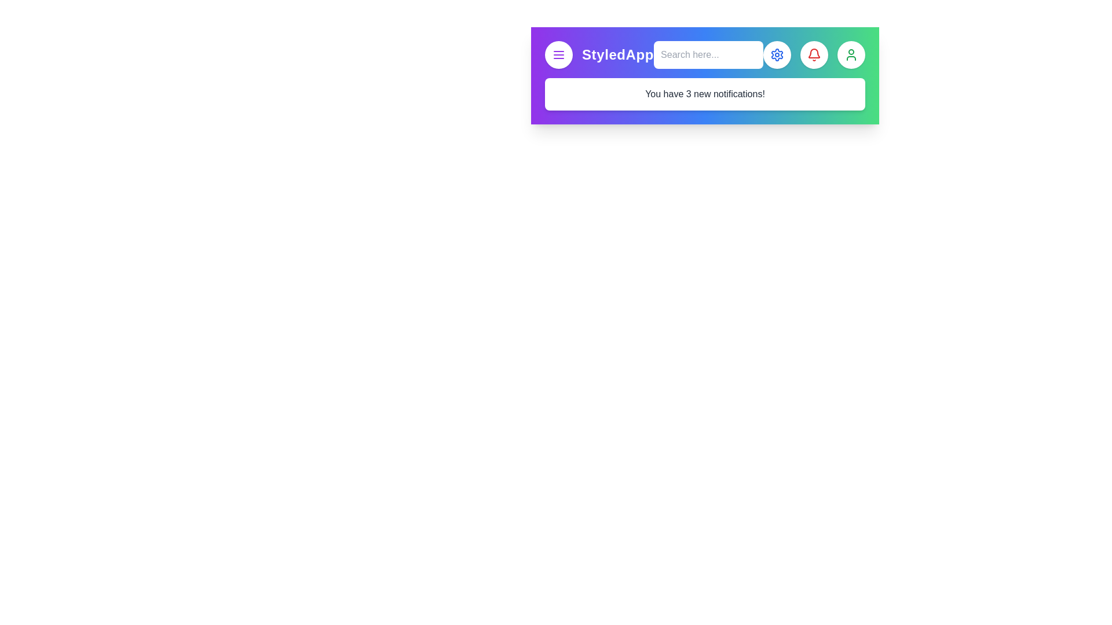  Describe the element at coordinates (777, 55) in the screenshot. I see `the element with Settings Button to display its tooltip or effect` at that location.